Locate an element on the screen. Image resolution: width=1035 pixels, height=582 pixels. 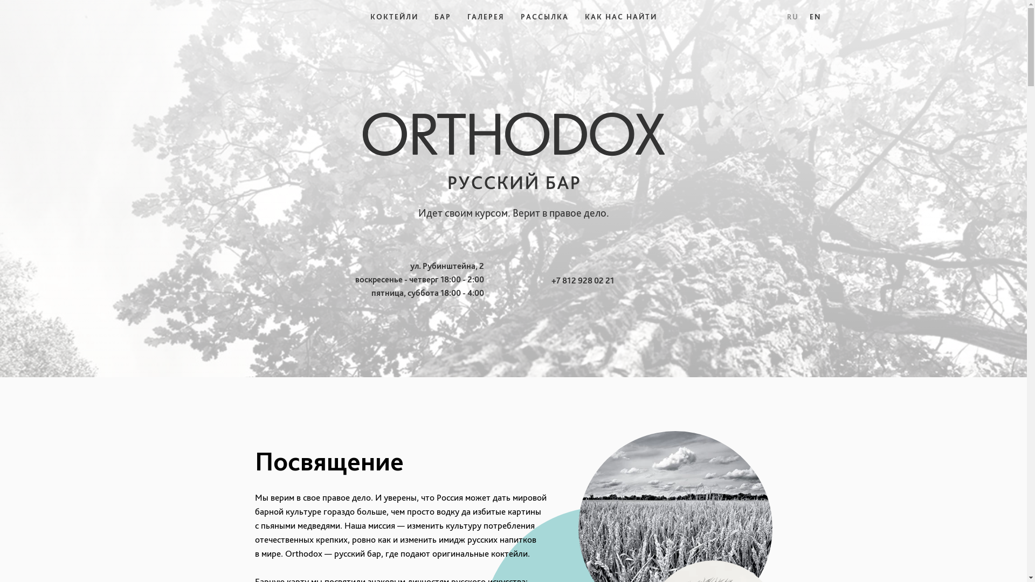
'RU' is located at coordinates (792, 16).